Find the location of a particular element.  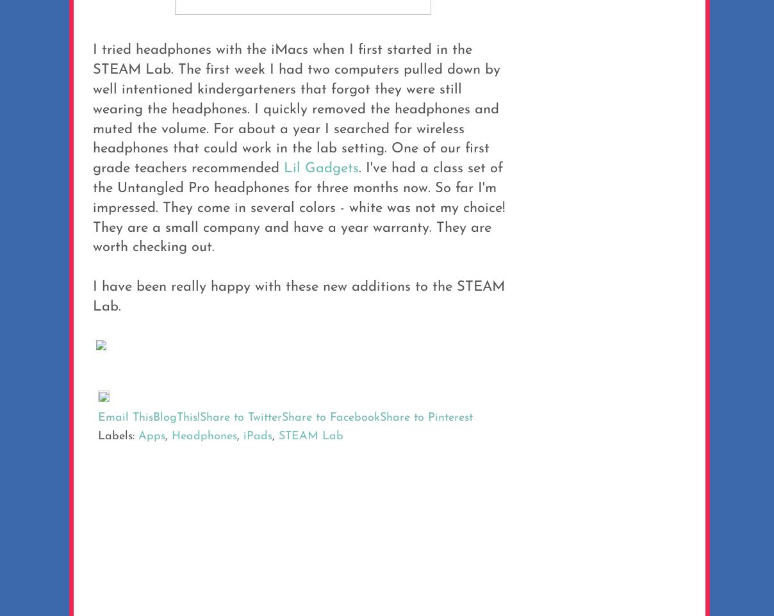

'Share to Facebook' is located at coordinates (331, 417).